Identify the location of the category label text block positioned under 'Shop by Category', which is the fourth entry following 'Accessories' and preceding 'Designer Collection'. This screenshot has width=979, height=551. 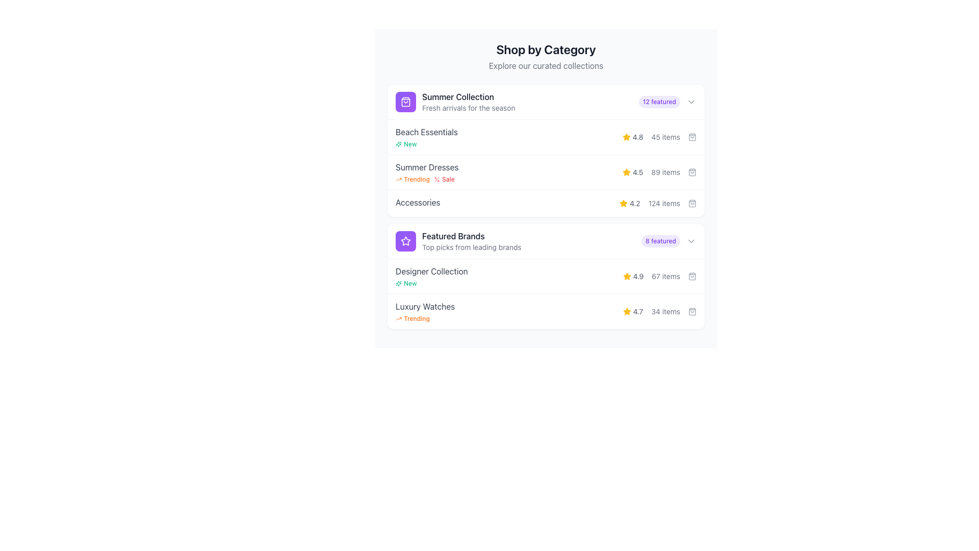
(471, 241).